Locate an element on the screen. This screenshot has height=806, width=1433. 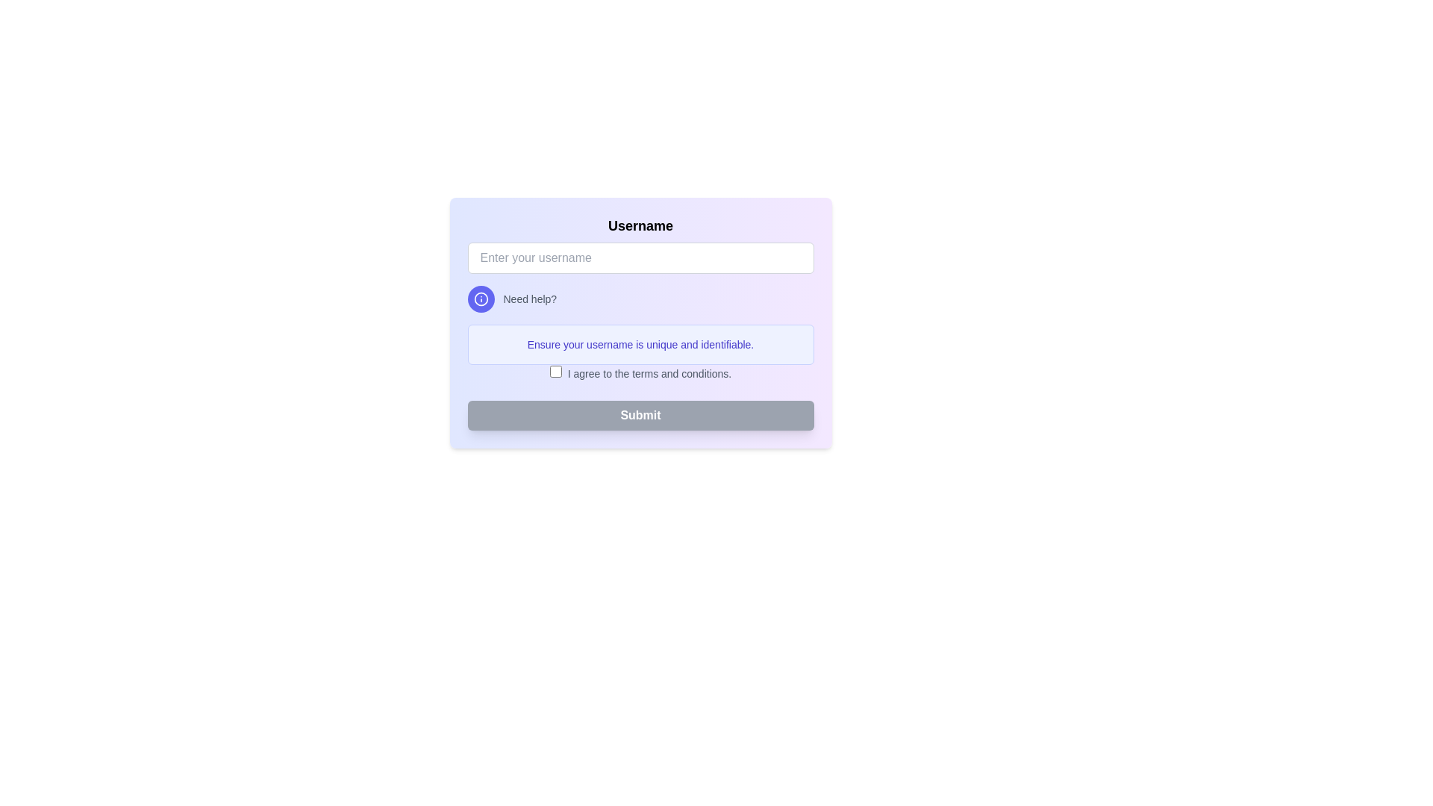
the checkbox located to the left of the text 'I agree to the terms and conditions' to check or uncheck it is located at coordinates (555, 370).